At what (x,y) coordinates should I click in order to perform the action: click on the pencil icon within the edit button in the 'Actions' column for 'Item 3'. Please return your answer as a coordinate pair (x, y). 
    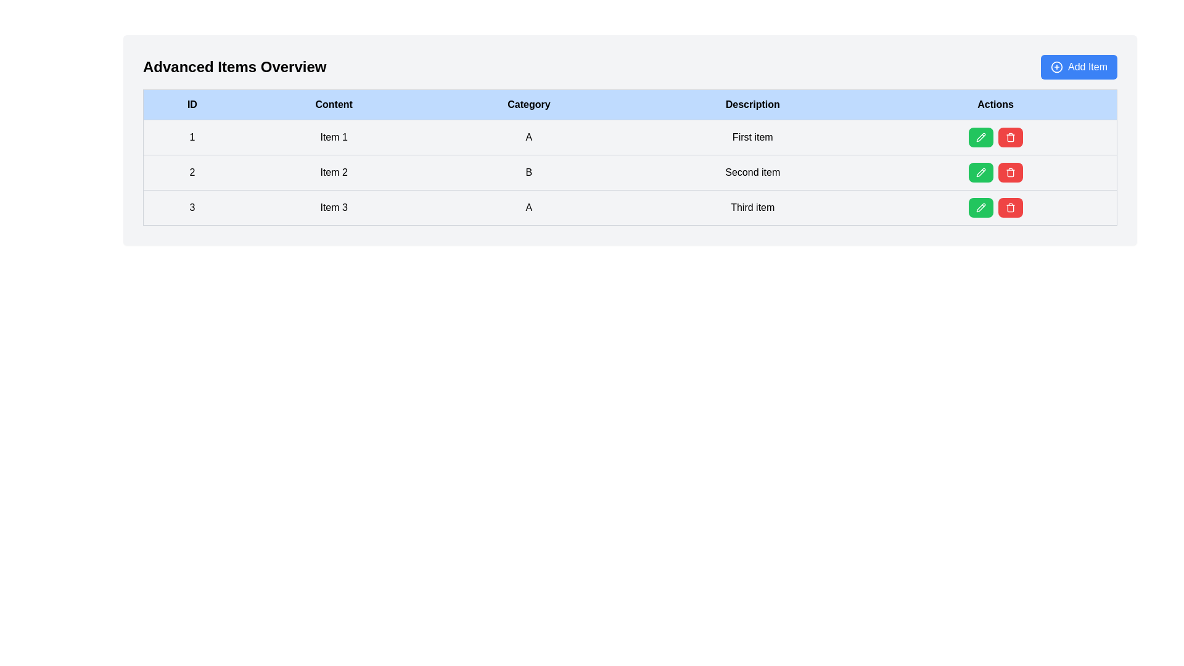
    Looking at the image, I should click on (980, 207).